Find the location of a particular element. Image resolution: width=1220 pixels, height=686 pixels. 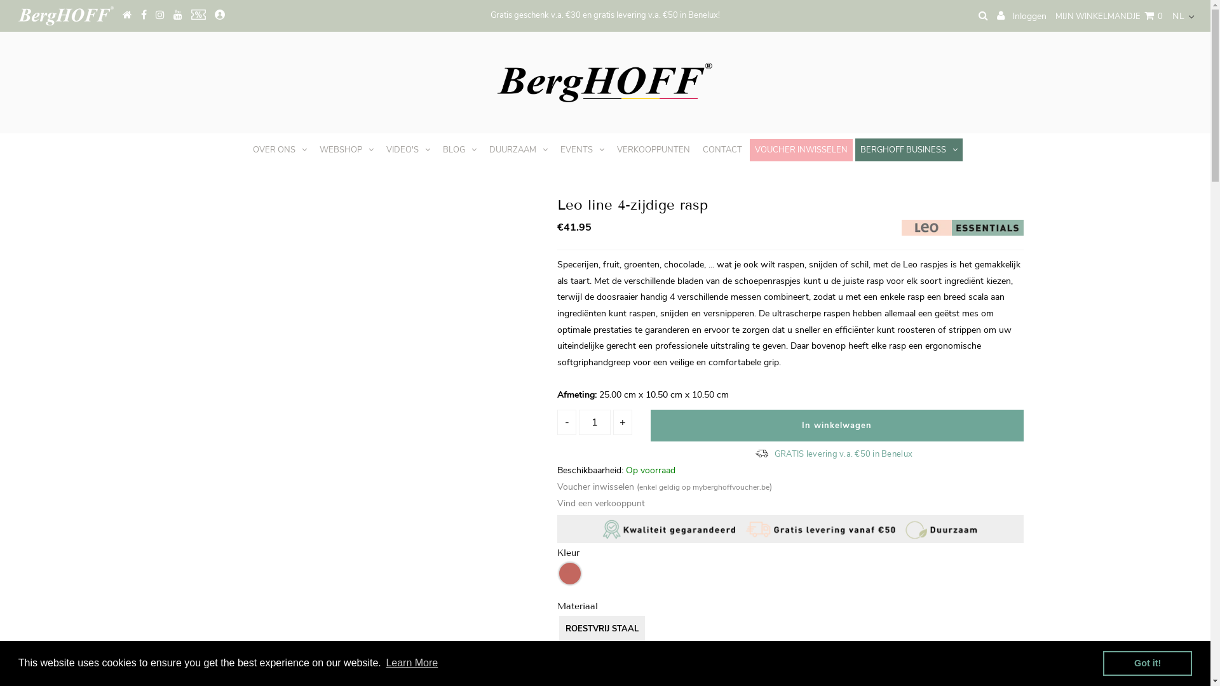

'VIDEO'S' is located at coordinates (408, 149).